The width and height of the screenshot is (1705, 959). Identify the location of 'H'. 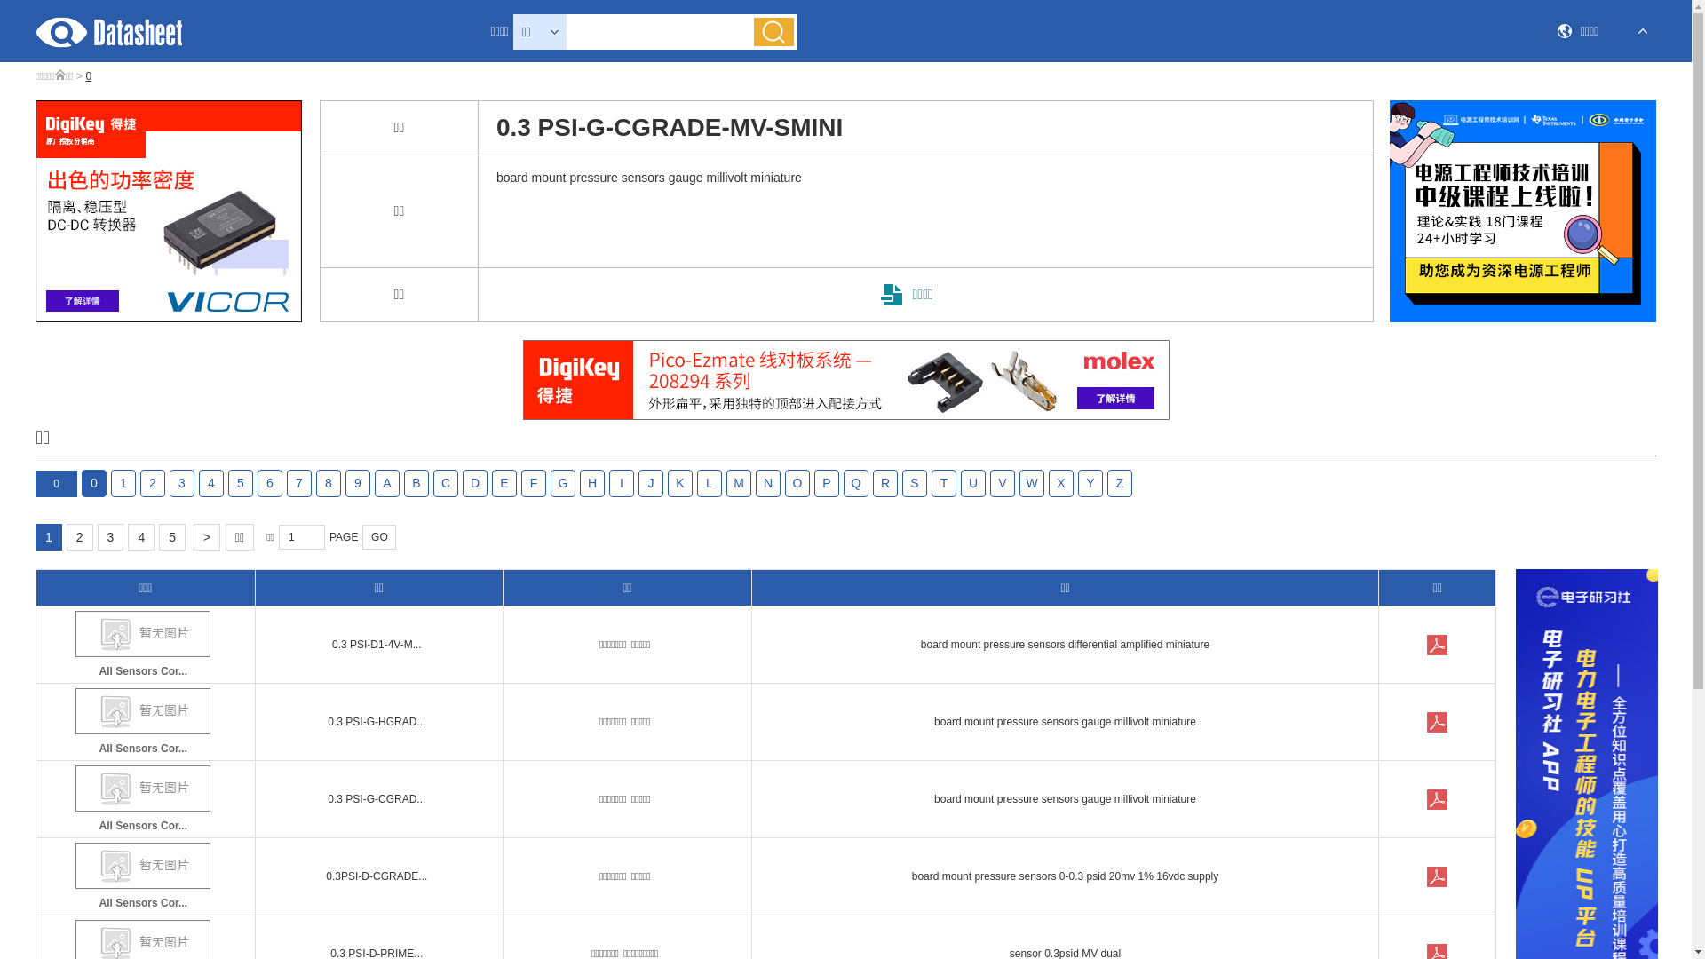
(592, 483).